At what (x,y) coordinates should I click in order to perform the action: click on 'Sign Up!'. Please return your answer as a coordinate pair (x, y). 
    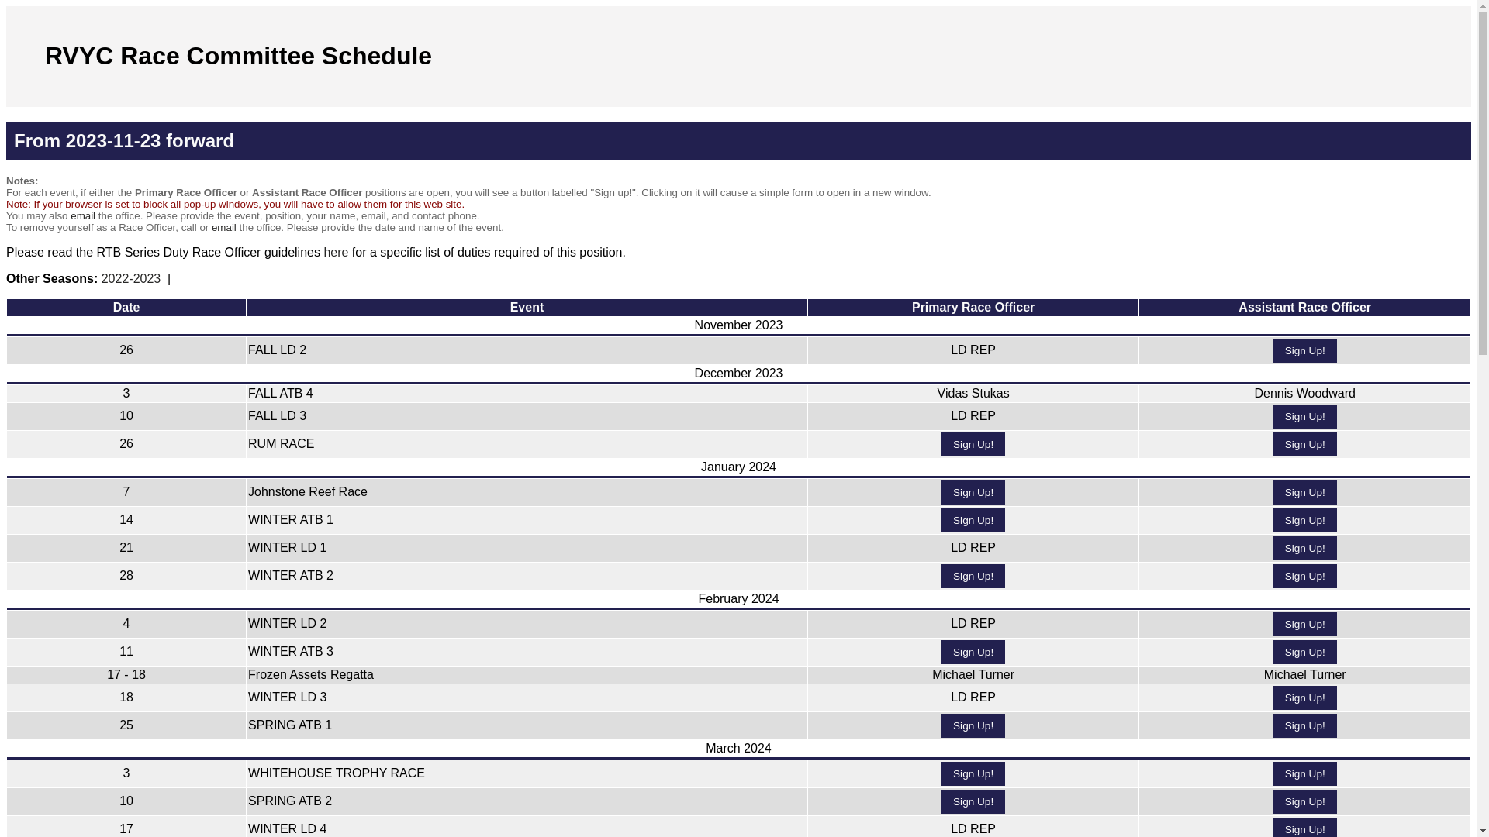
    Looking at the image, I should click on (1273, 697).